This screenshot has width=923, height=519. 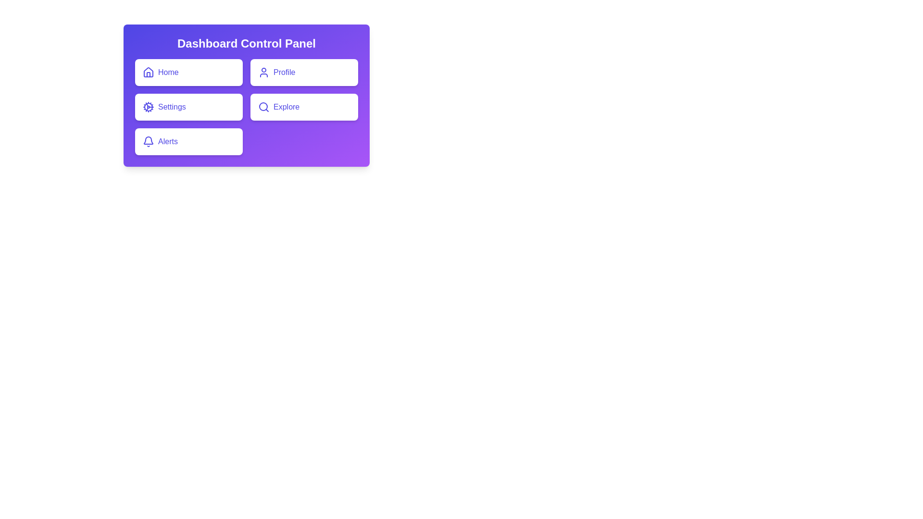 What do you see at coordinates (148, 141) in the screenshot?
I see `the alert icon located to the left of the 'Alerts' text label in the lower-left corner of the control panel interface` at bounding box center [148, 141].